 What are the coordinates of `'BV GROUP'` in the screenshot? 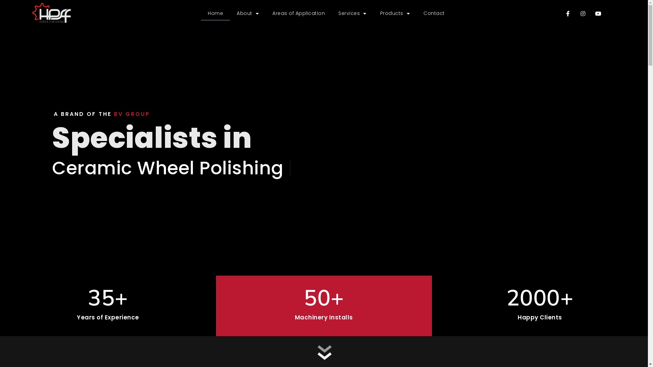 It's located at (132, 113).